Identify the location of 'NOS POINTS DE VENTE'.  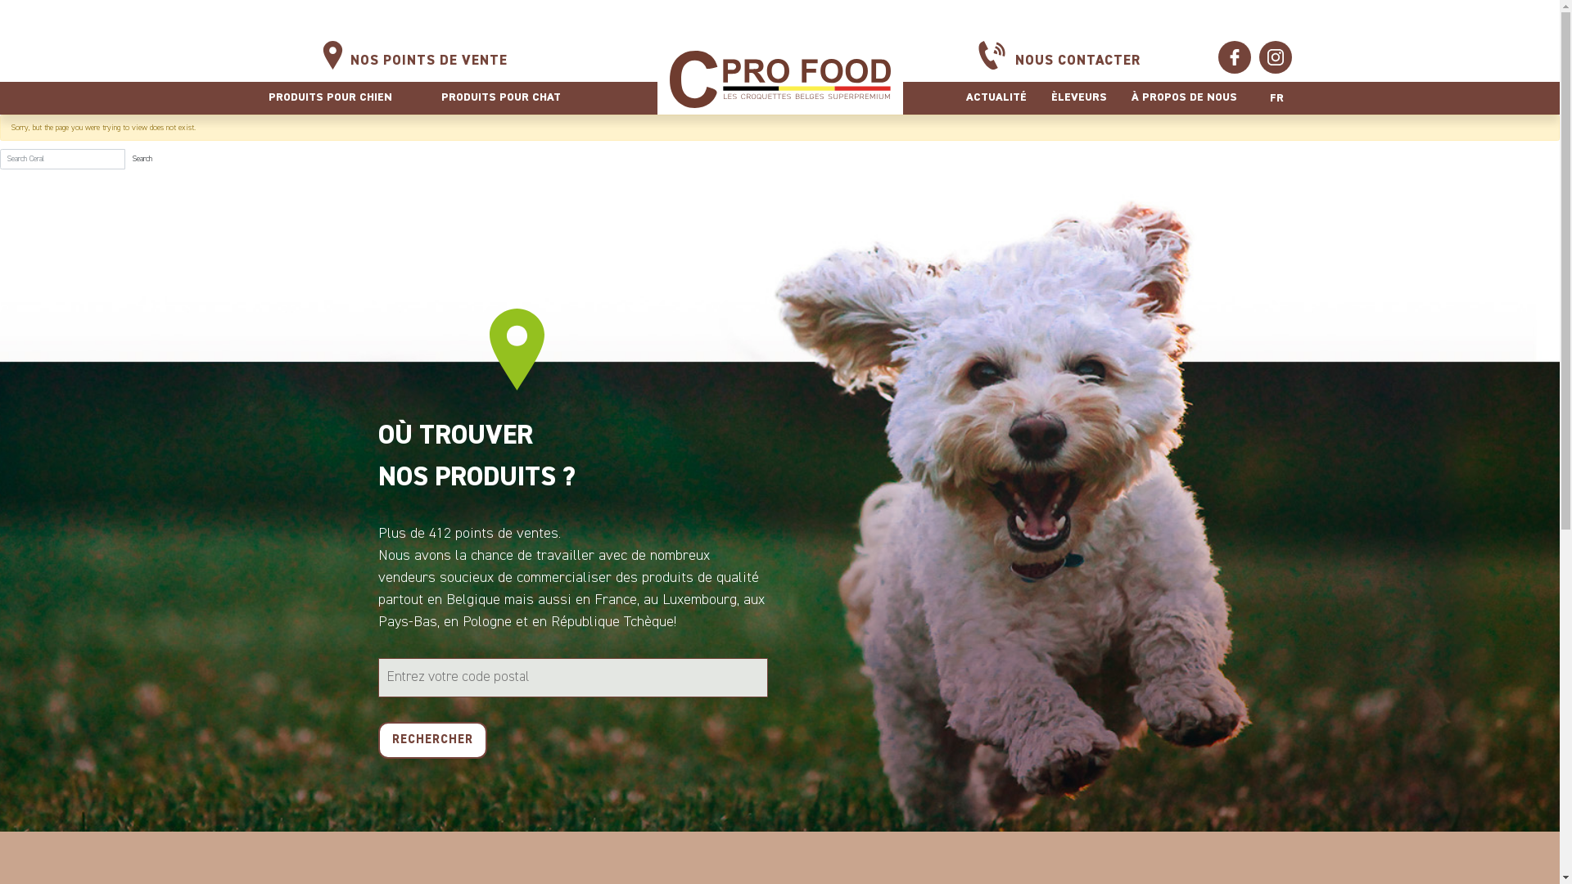
(428, 60).